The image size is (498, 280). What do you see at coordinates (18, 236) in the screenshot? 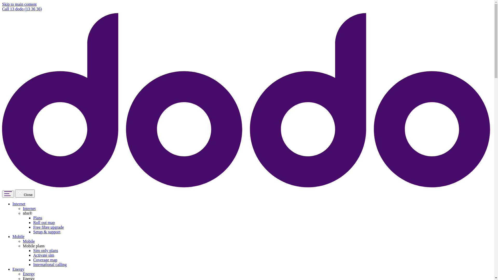
I see `'Mobile'` at bounding box center [18, 236].